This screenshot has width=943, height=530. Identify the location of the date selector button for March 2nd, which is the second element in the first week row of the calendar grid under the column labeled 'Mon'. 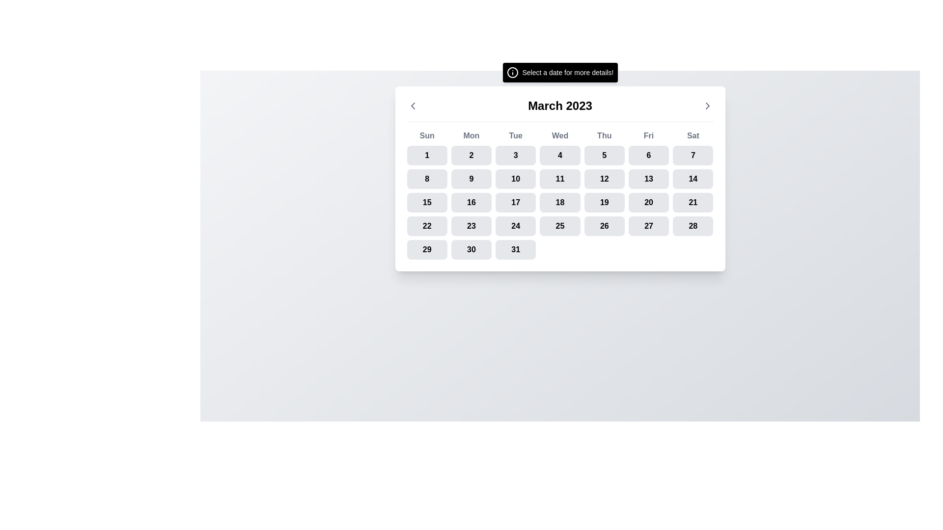
(471, 155).